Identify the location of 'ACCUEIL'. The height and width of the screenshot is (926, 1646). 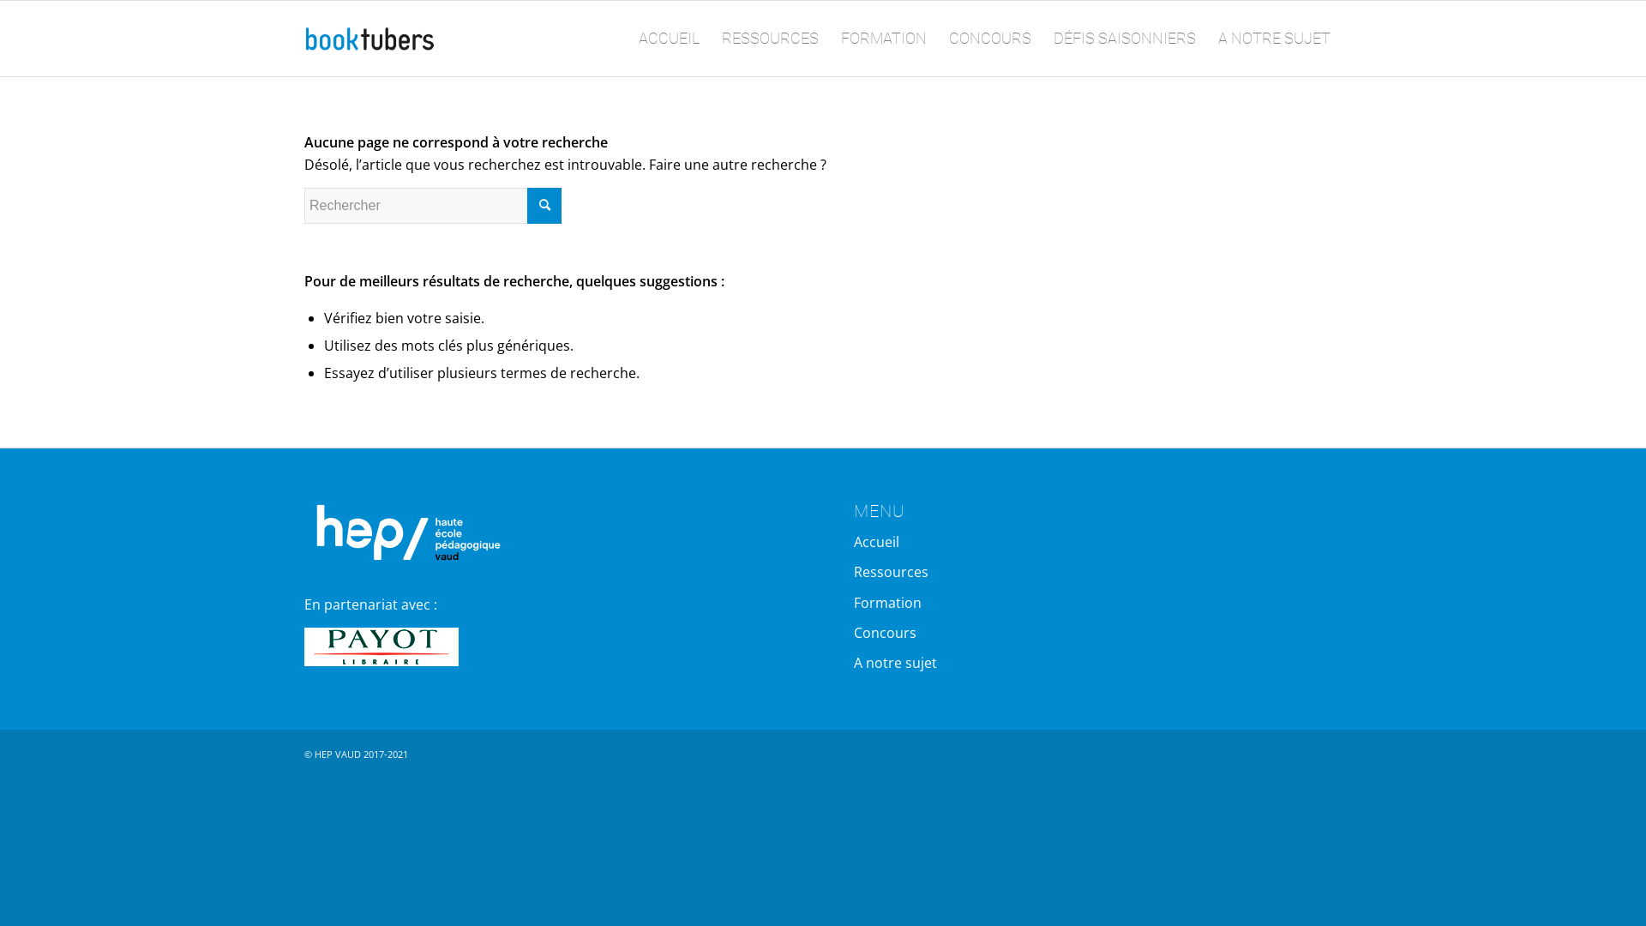
(668, 39).